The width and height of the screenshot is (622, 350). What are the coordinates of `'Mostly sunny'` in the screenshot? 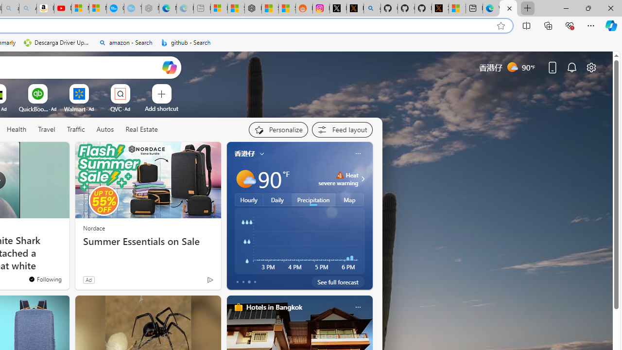 It's located at (245, 179).